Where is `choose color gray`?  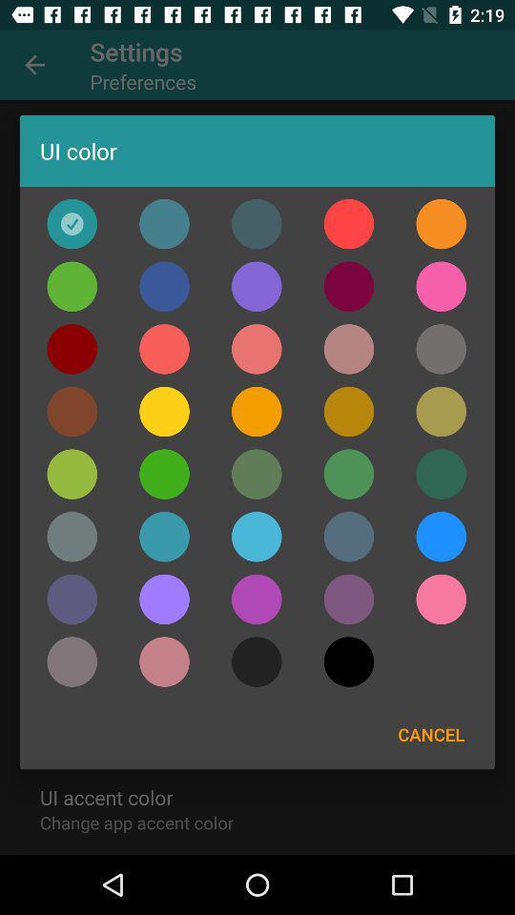 choose color gray is located at coordinates (71, 537).